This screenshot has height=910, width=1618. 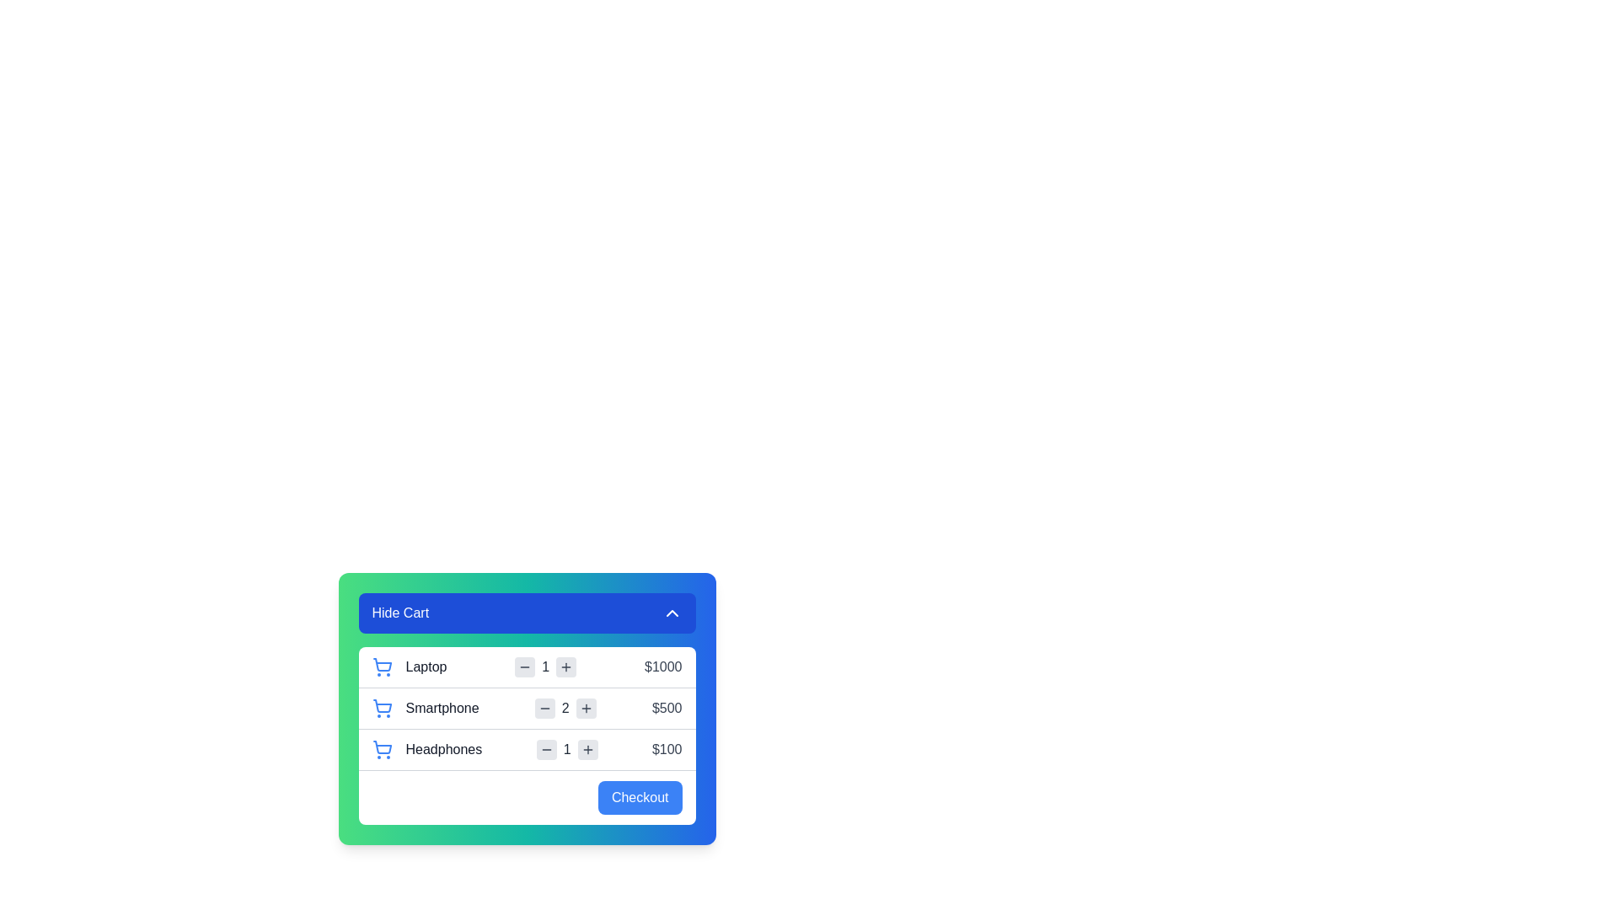 I want to click on the 'Headphones' product entry in the shopping cart, which is the third item in the list located in the lower-right area of the interface, so click(x=426, y=749).